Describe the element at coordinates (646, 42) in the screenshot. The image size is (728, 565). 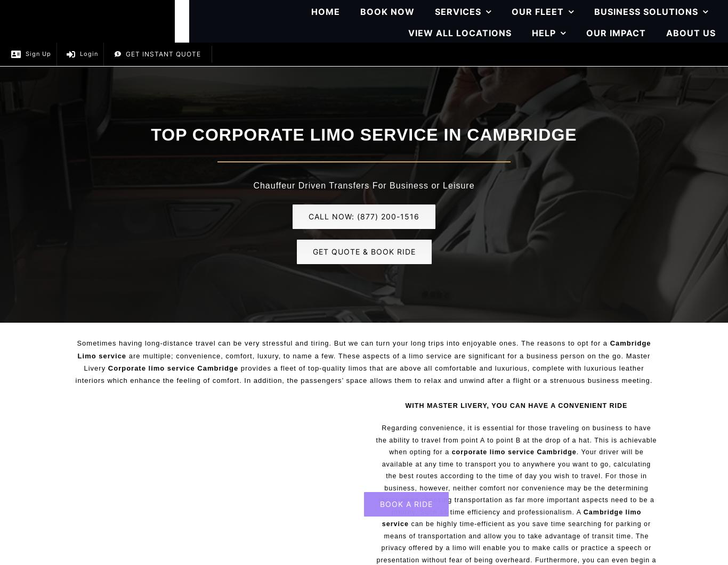
I see `'Corporate Roadshows'` at that location.